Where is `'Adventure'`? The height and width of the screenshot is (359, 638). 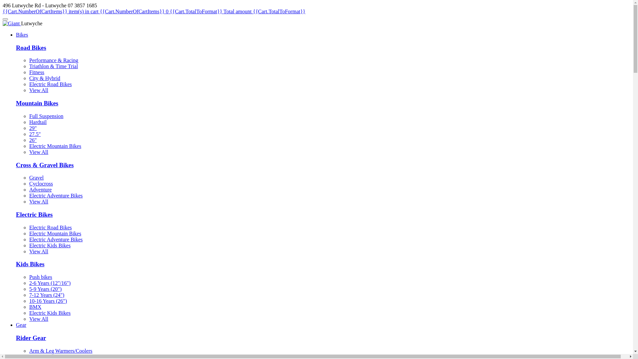 'Adventure' is located at coordinates (29, 189).